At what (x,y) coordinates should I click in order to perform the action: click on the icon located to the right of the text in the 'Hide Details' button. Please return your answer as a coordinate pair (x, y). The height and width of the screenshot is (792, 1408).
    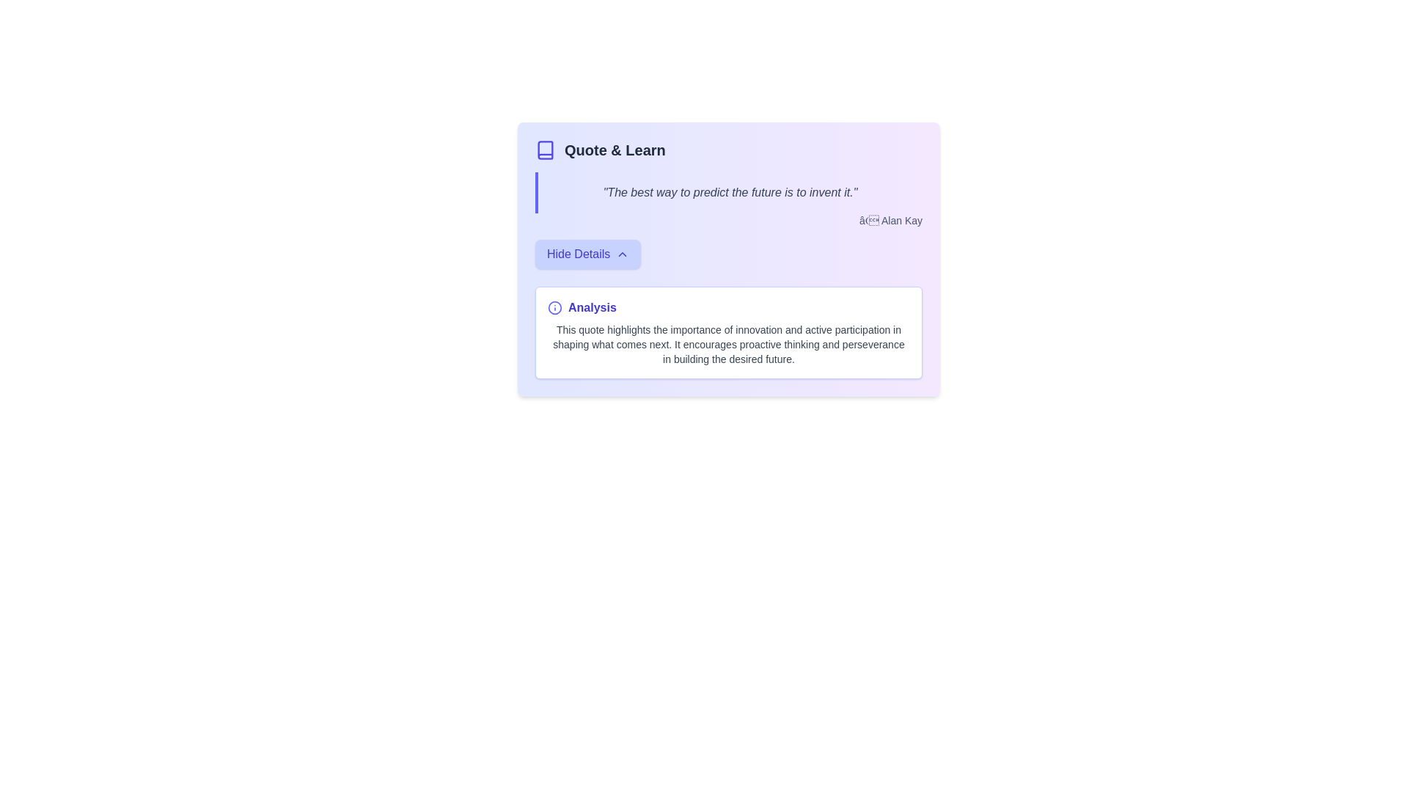
    Looking at the image, I should click on (623, 254).